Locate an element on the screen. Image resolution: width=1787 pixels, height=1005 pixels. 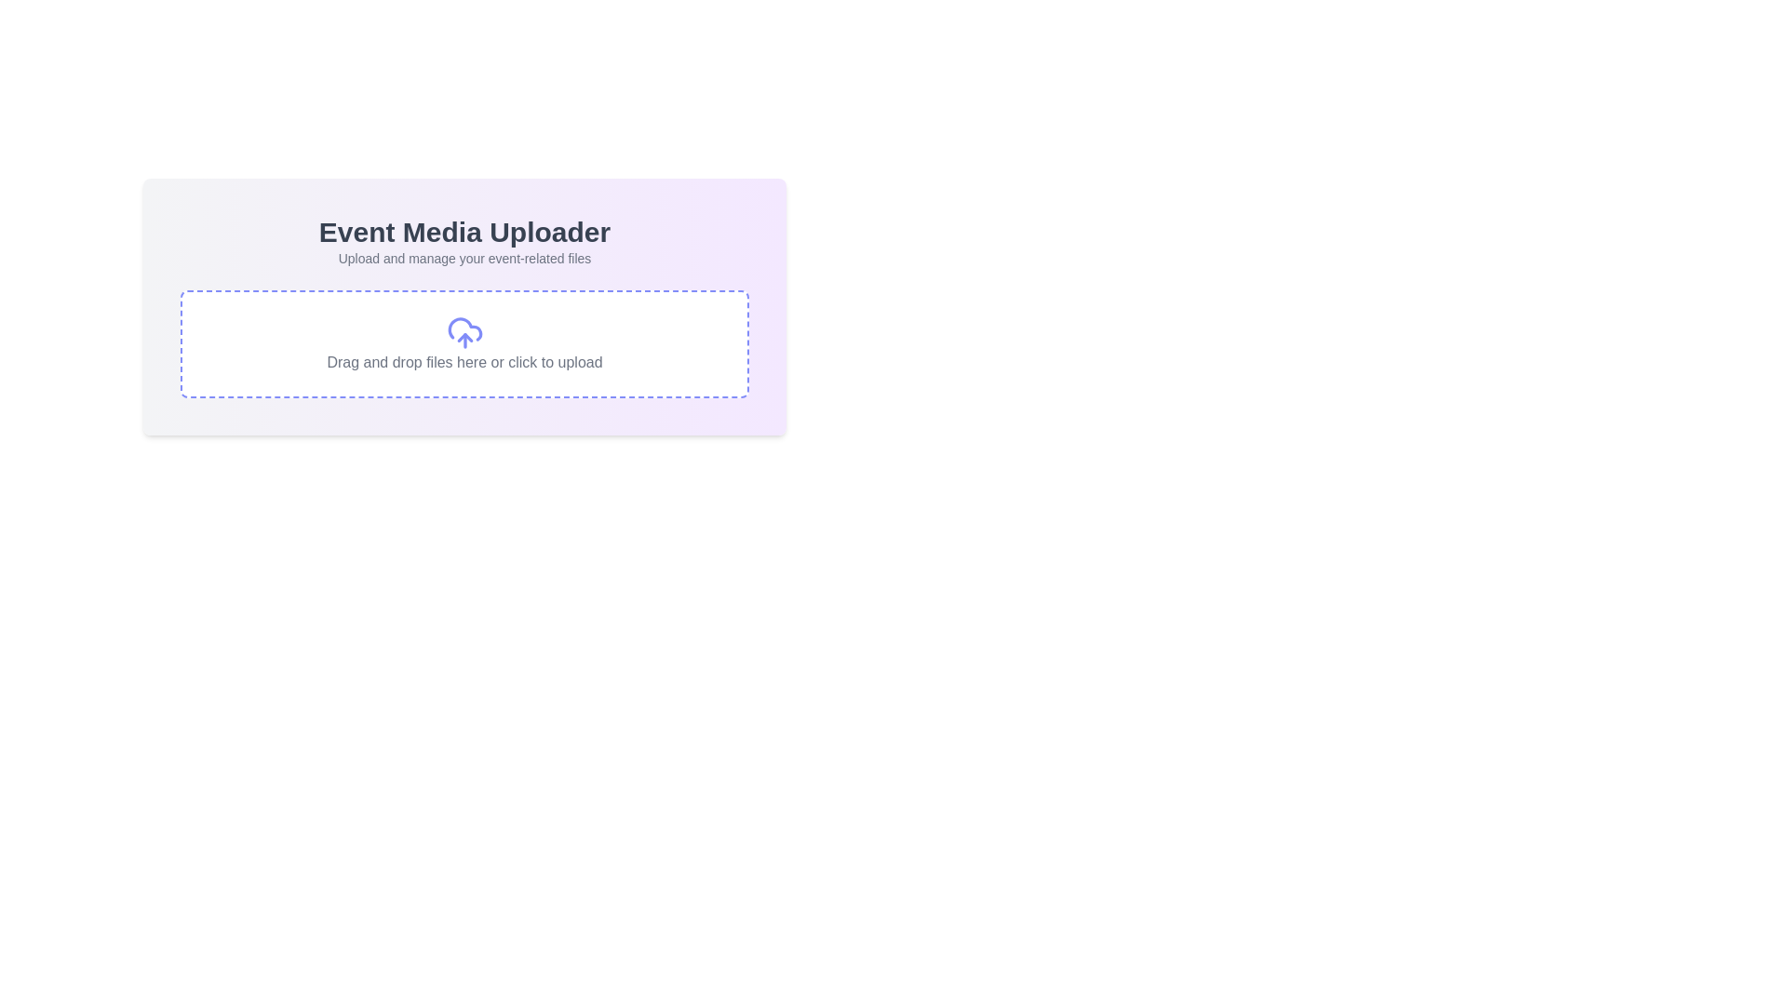
the cloud upload icon, which is a minimalist icon resembling a cloud with an upward-pointing arrow, located inside a bordered dashed box with indigo outlines is located at coordinates (464, 332).